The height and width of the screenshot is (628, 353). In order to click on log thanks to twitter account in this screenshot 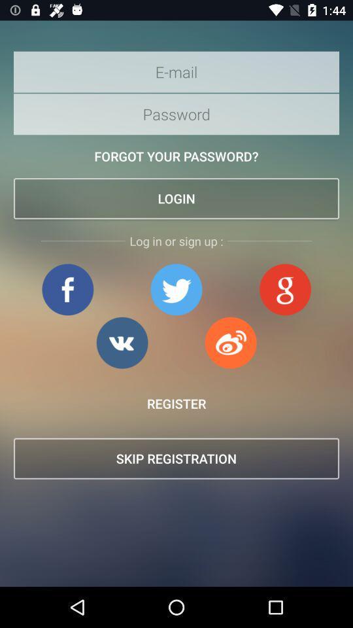, I will do `click(176, 289)`.